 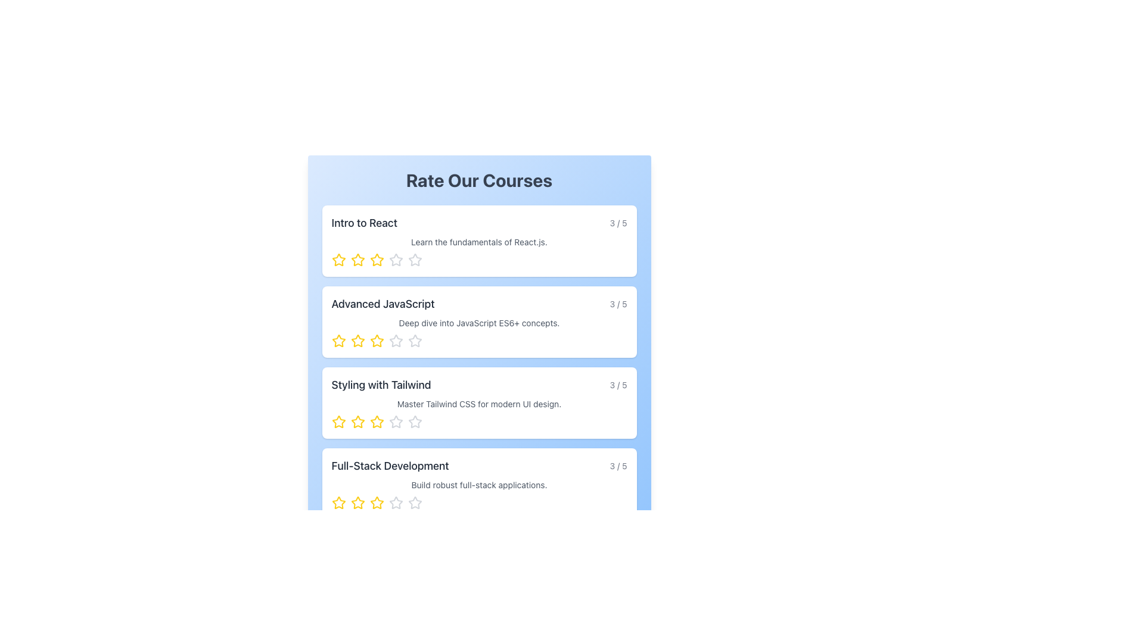 What do you see at coordinates (376, 259) in the screenshot?
I see `the second rating star icon for the 'Intro to React' course, which is part of a row of five stars` at bounding box center [376, 259].